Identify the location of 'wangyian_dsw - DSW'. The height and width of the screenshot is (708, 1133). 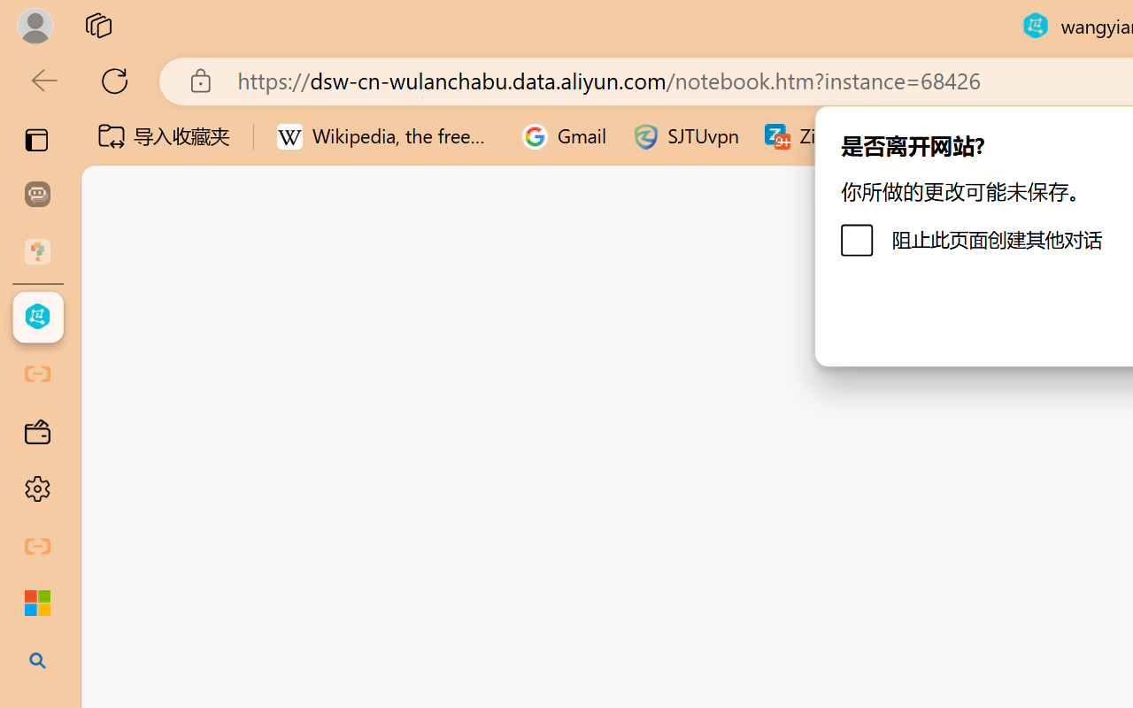
(37, 317).